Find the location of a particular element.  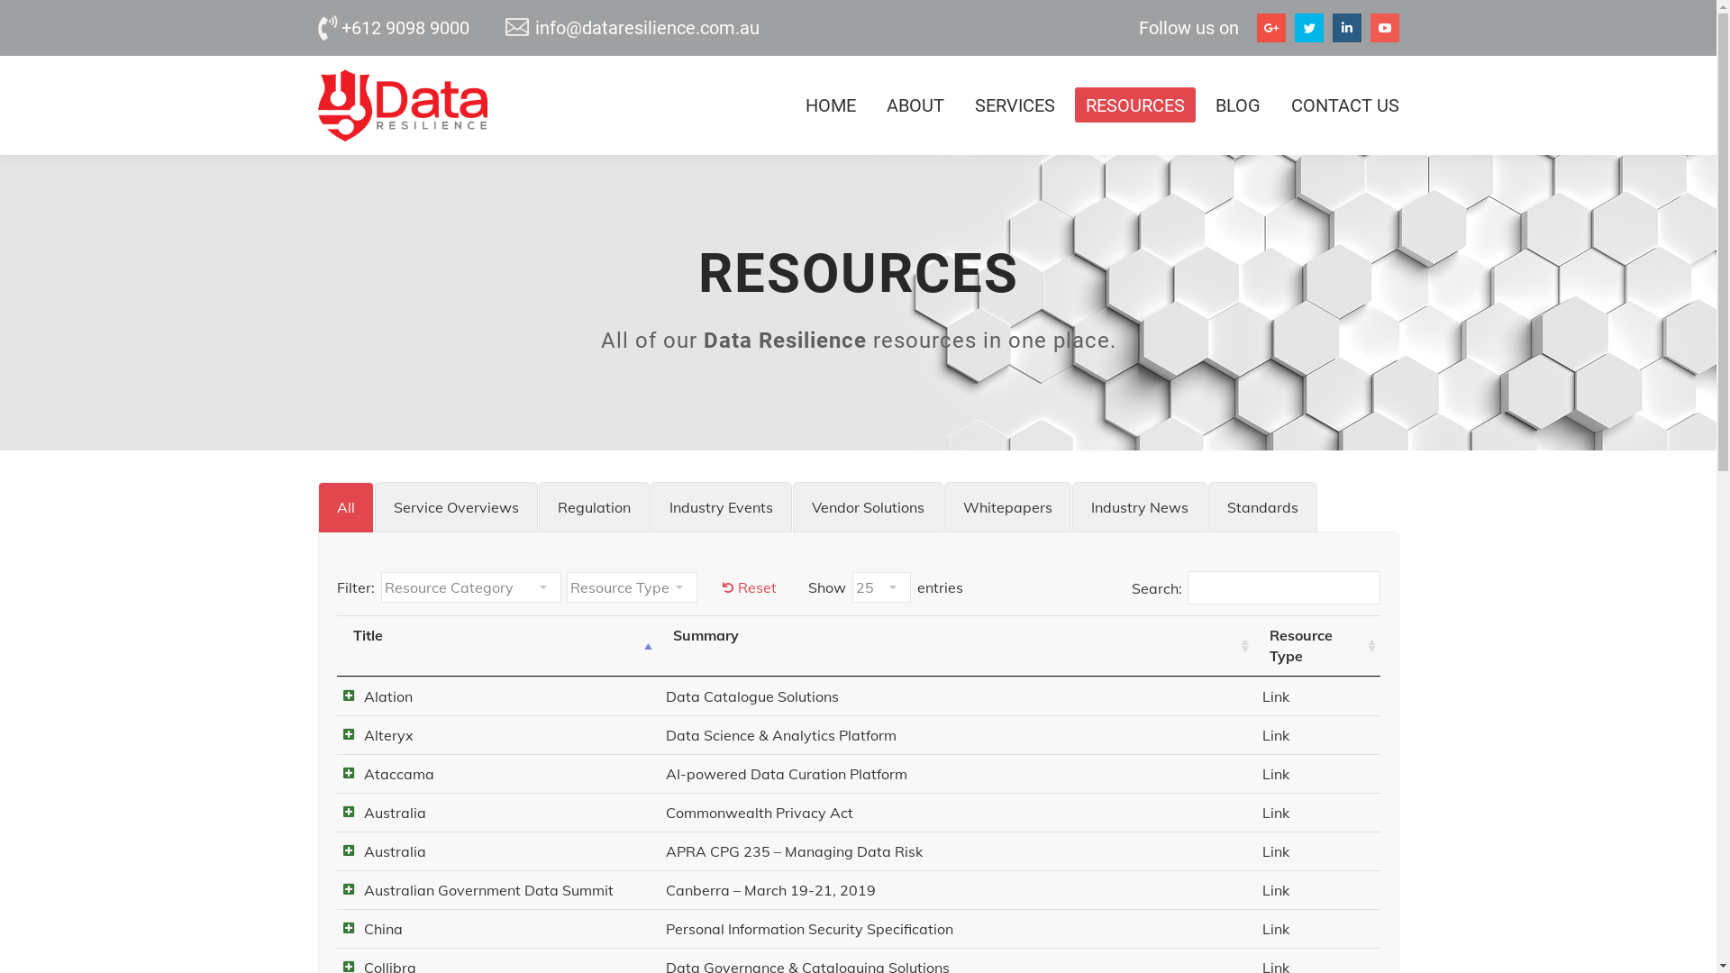

'HOME' is located at coordinates (829, 105).